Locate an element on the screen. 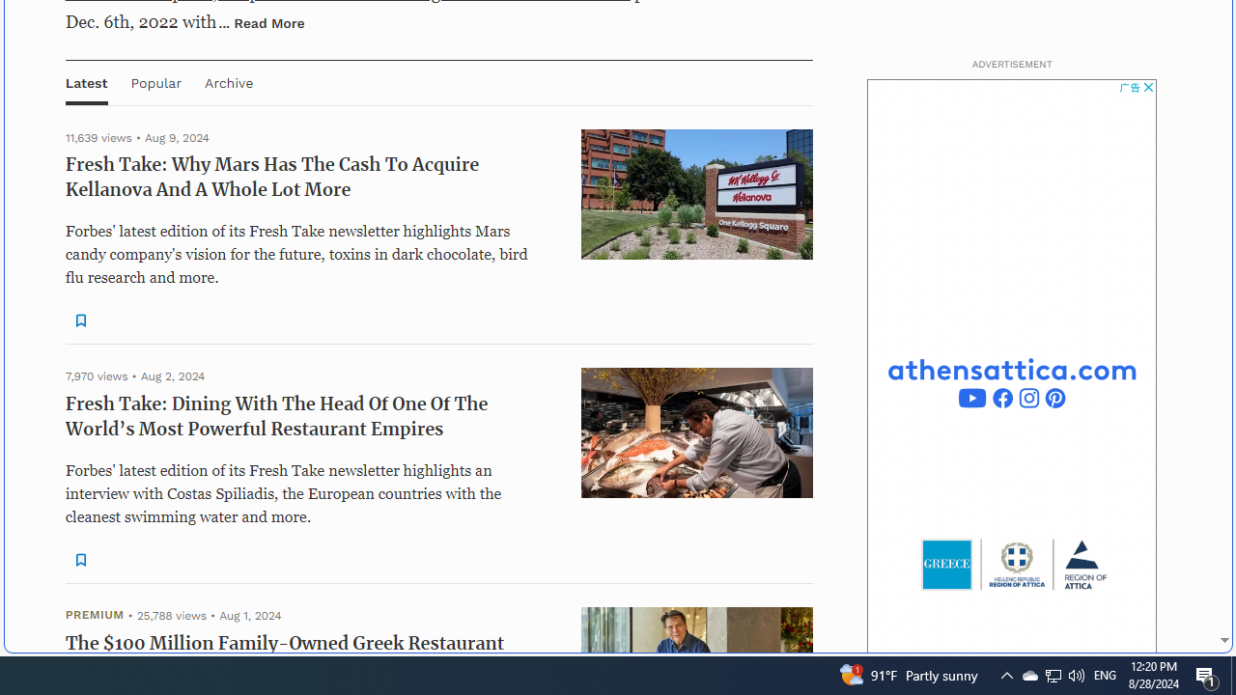  '... Read More' is located at coordinates (261, 22).